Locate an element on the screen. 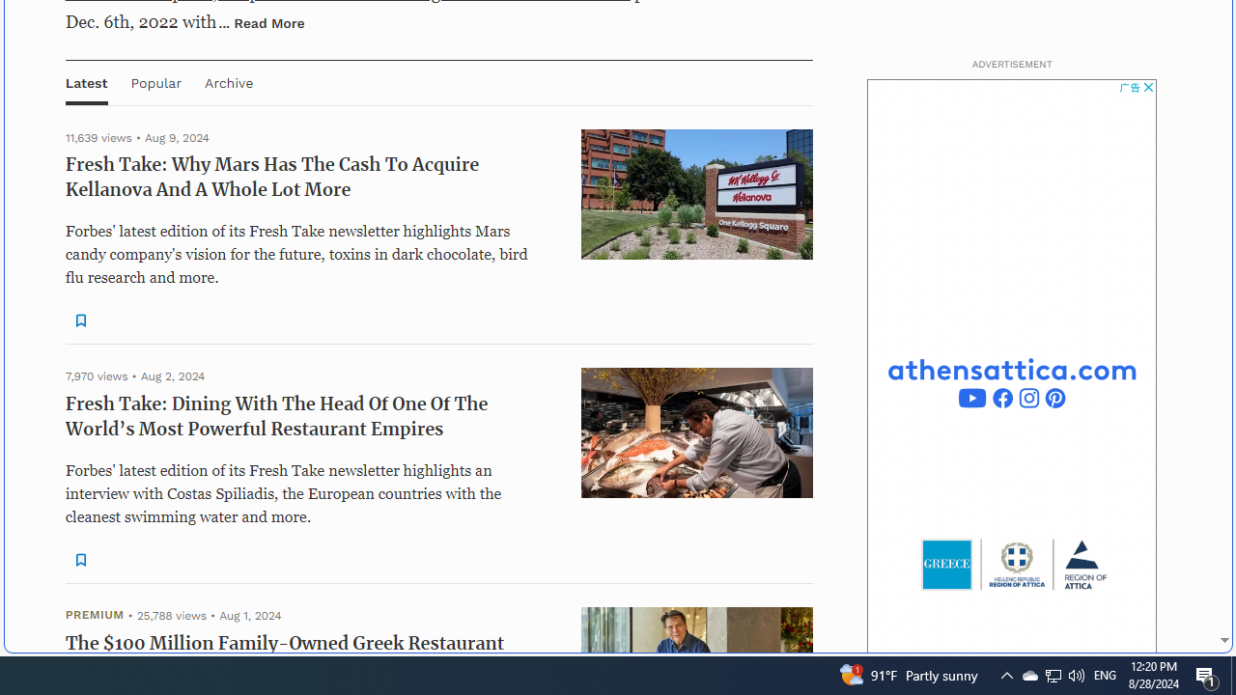  '... Read More' is located at coordinates (261, 22).